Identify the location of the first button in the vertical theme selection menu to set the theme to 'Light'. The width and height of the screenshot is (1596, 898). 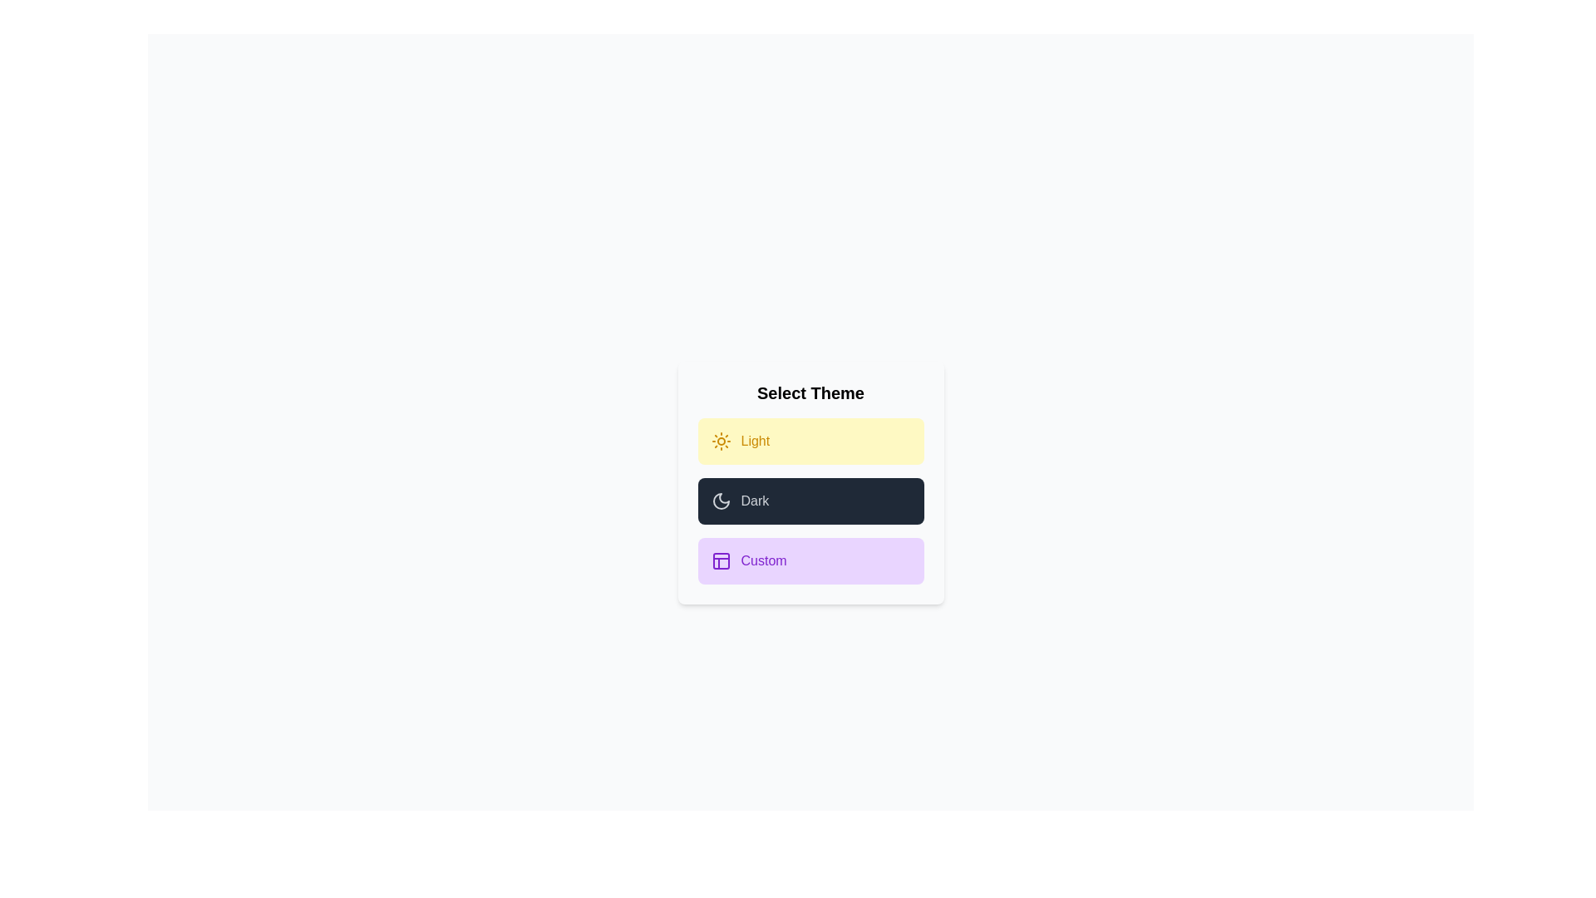
(810, 441).